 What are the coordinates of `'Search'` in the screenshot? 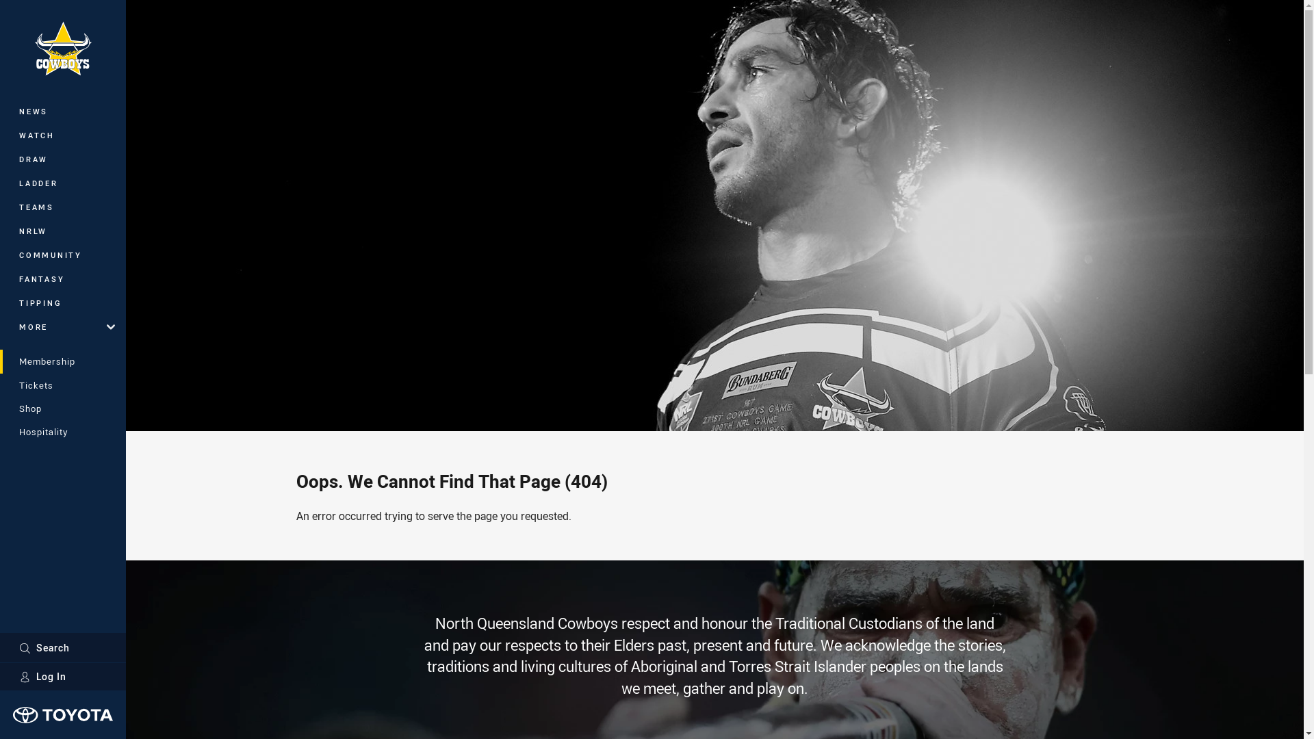 It's located at (62, 647).